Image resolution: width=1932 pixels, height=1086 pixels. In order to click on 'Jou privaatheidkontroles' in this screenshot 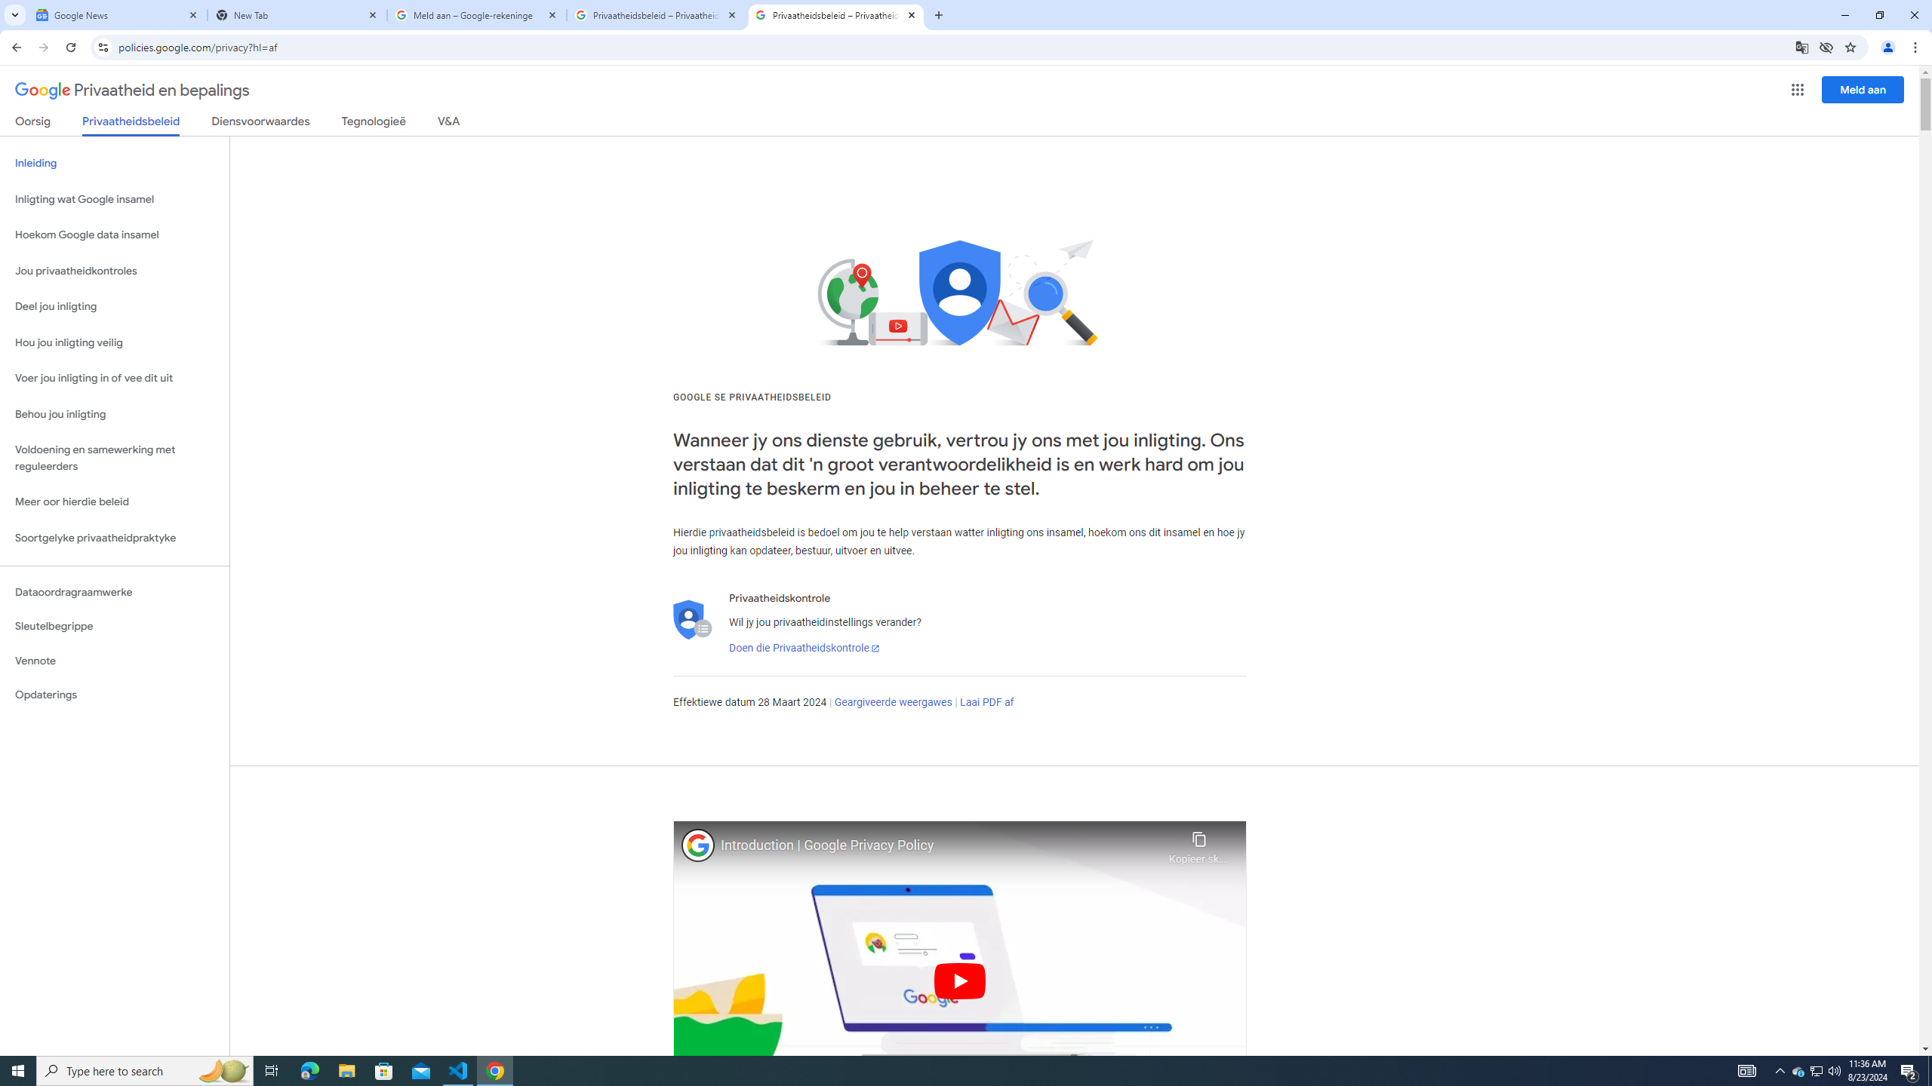, I will do `click(114, 271)`.